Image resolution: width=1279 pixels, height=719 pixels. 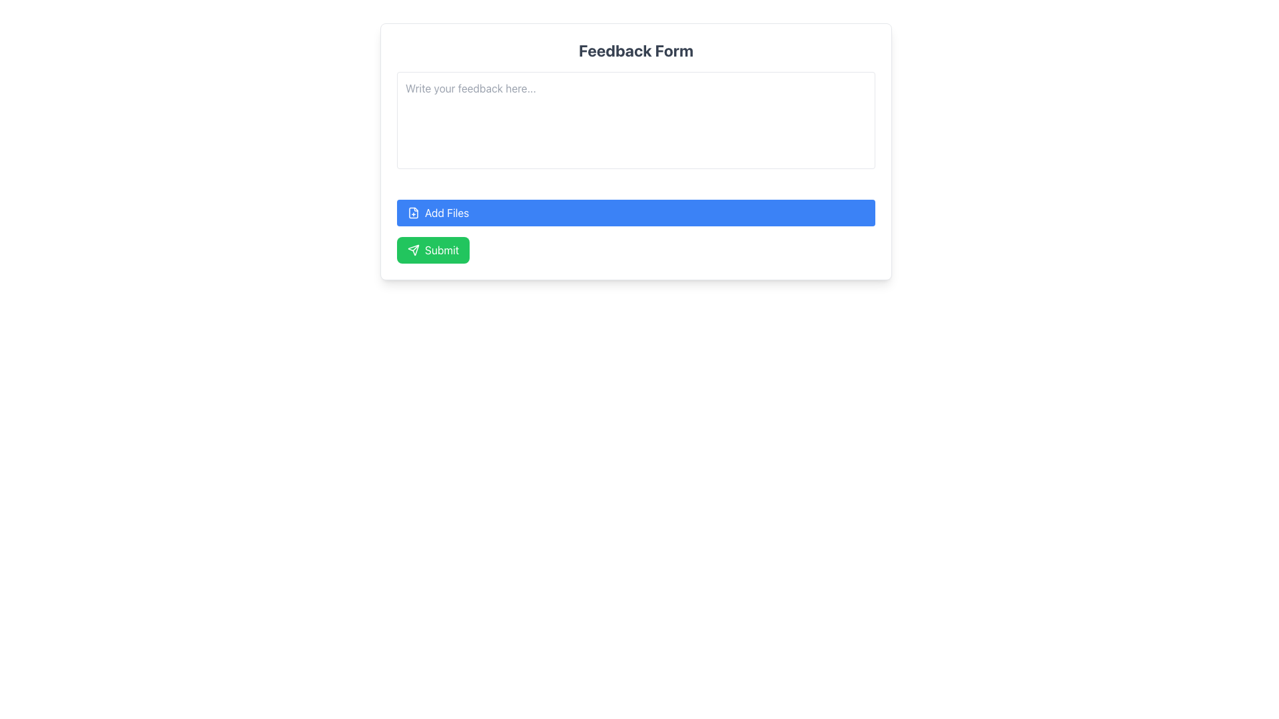 What do you see at coordinates (412, 250) in the screenshot?
I see `the decorative SVG icon within the green 'Submit' button at the bottom of the feedback form, which symbolizes sending or submitting content` at bounding box center [412, 250].